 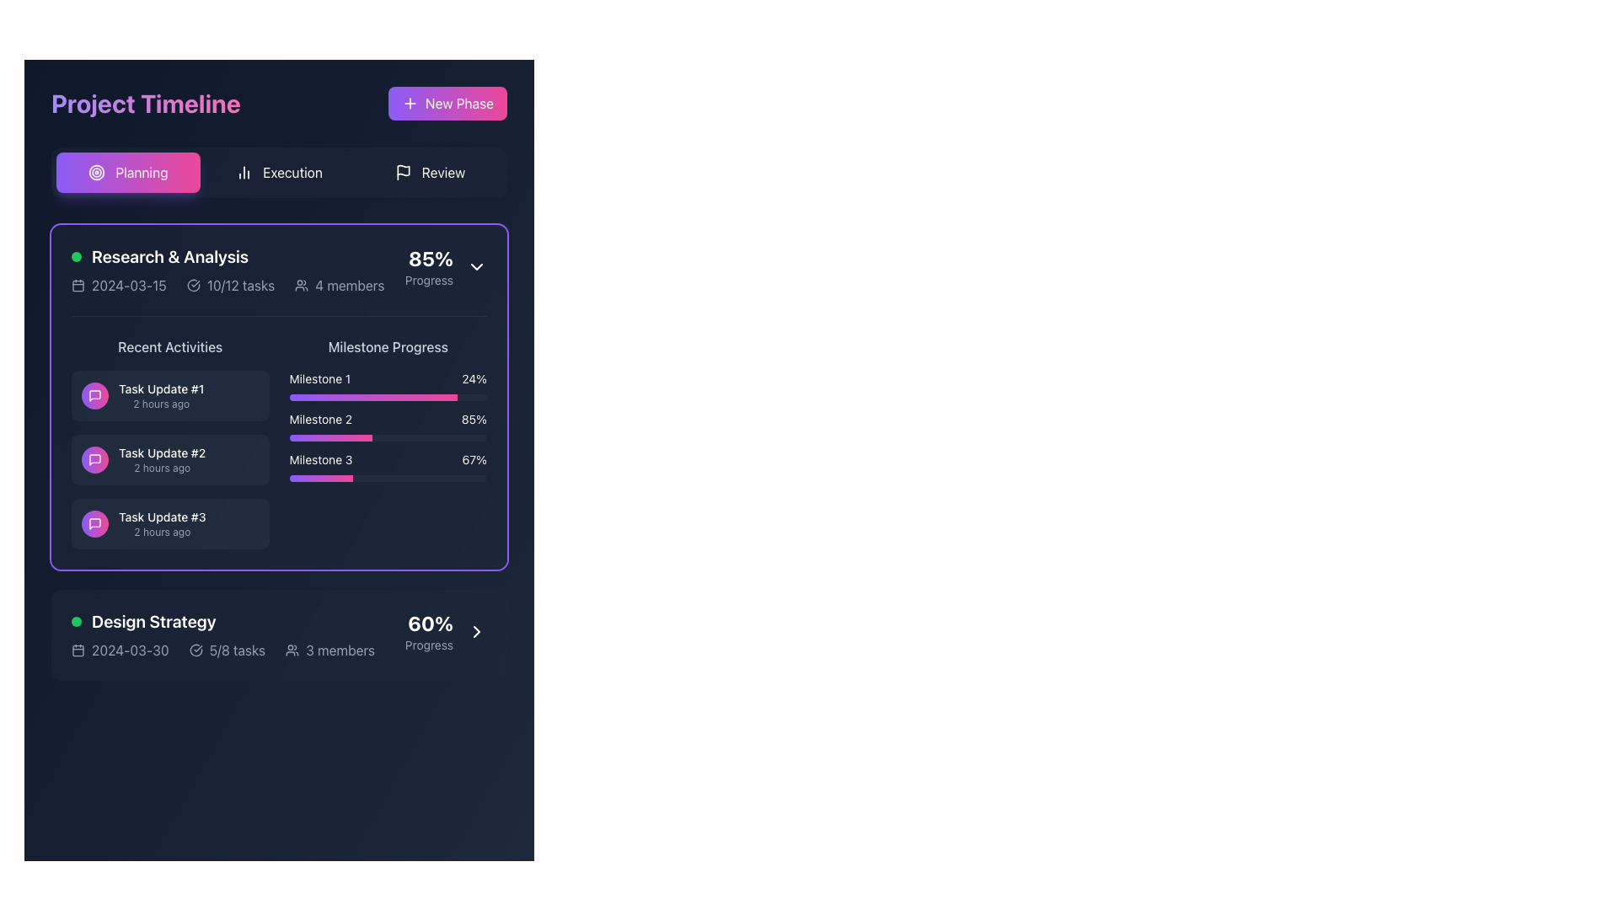 I want to click on the Text display showing '85%' and 'Progress', located in the 'Research & Analysis' section, on the top right-hand side of the section, so click(x=429, y=265).